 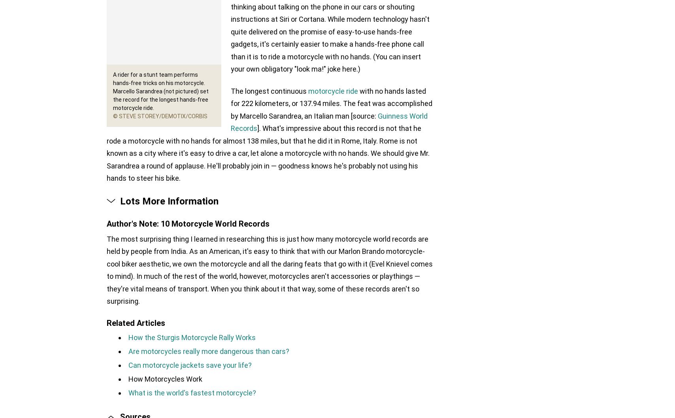 What do you see at coordinates (191, 337) in the screenshot?
I see `'How the Sturgis Motorcycle Rally Works'` at bounding box center [191, 337].